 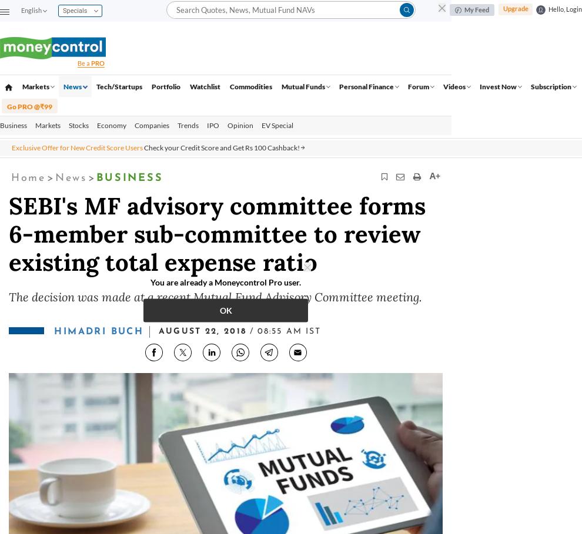 I want to click on 'Upgrade', so click(x=515, y=8).